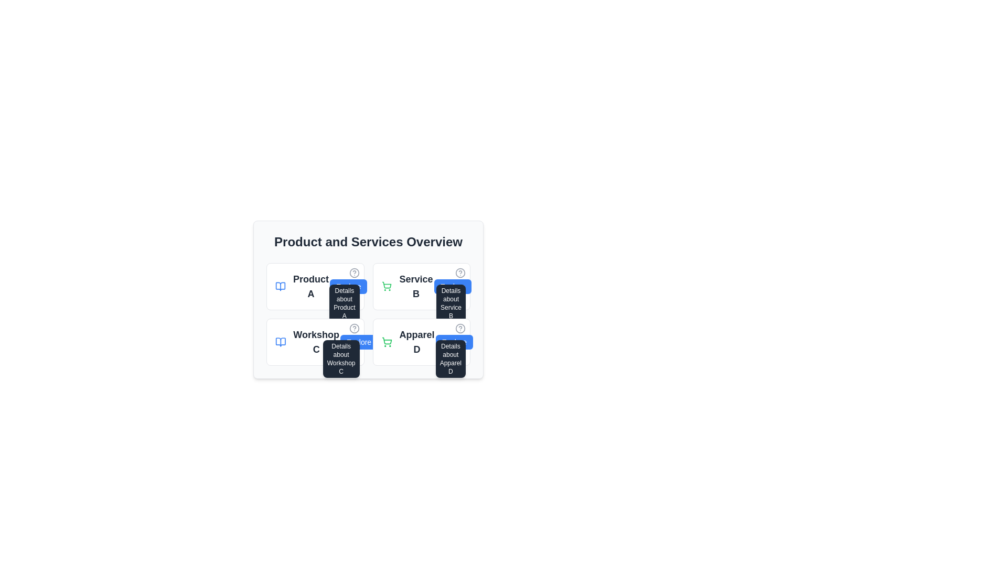 The width and height of the screenshot is (1007, 566). What do you see at coordinates (354, 328) in the screenshot?
I see `the help icon located at the top-right corner of the 'Workshop C' card` at bounding box center [354, 328].